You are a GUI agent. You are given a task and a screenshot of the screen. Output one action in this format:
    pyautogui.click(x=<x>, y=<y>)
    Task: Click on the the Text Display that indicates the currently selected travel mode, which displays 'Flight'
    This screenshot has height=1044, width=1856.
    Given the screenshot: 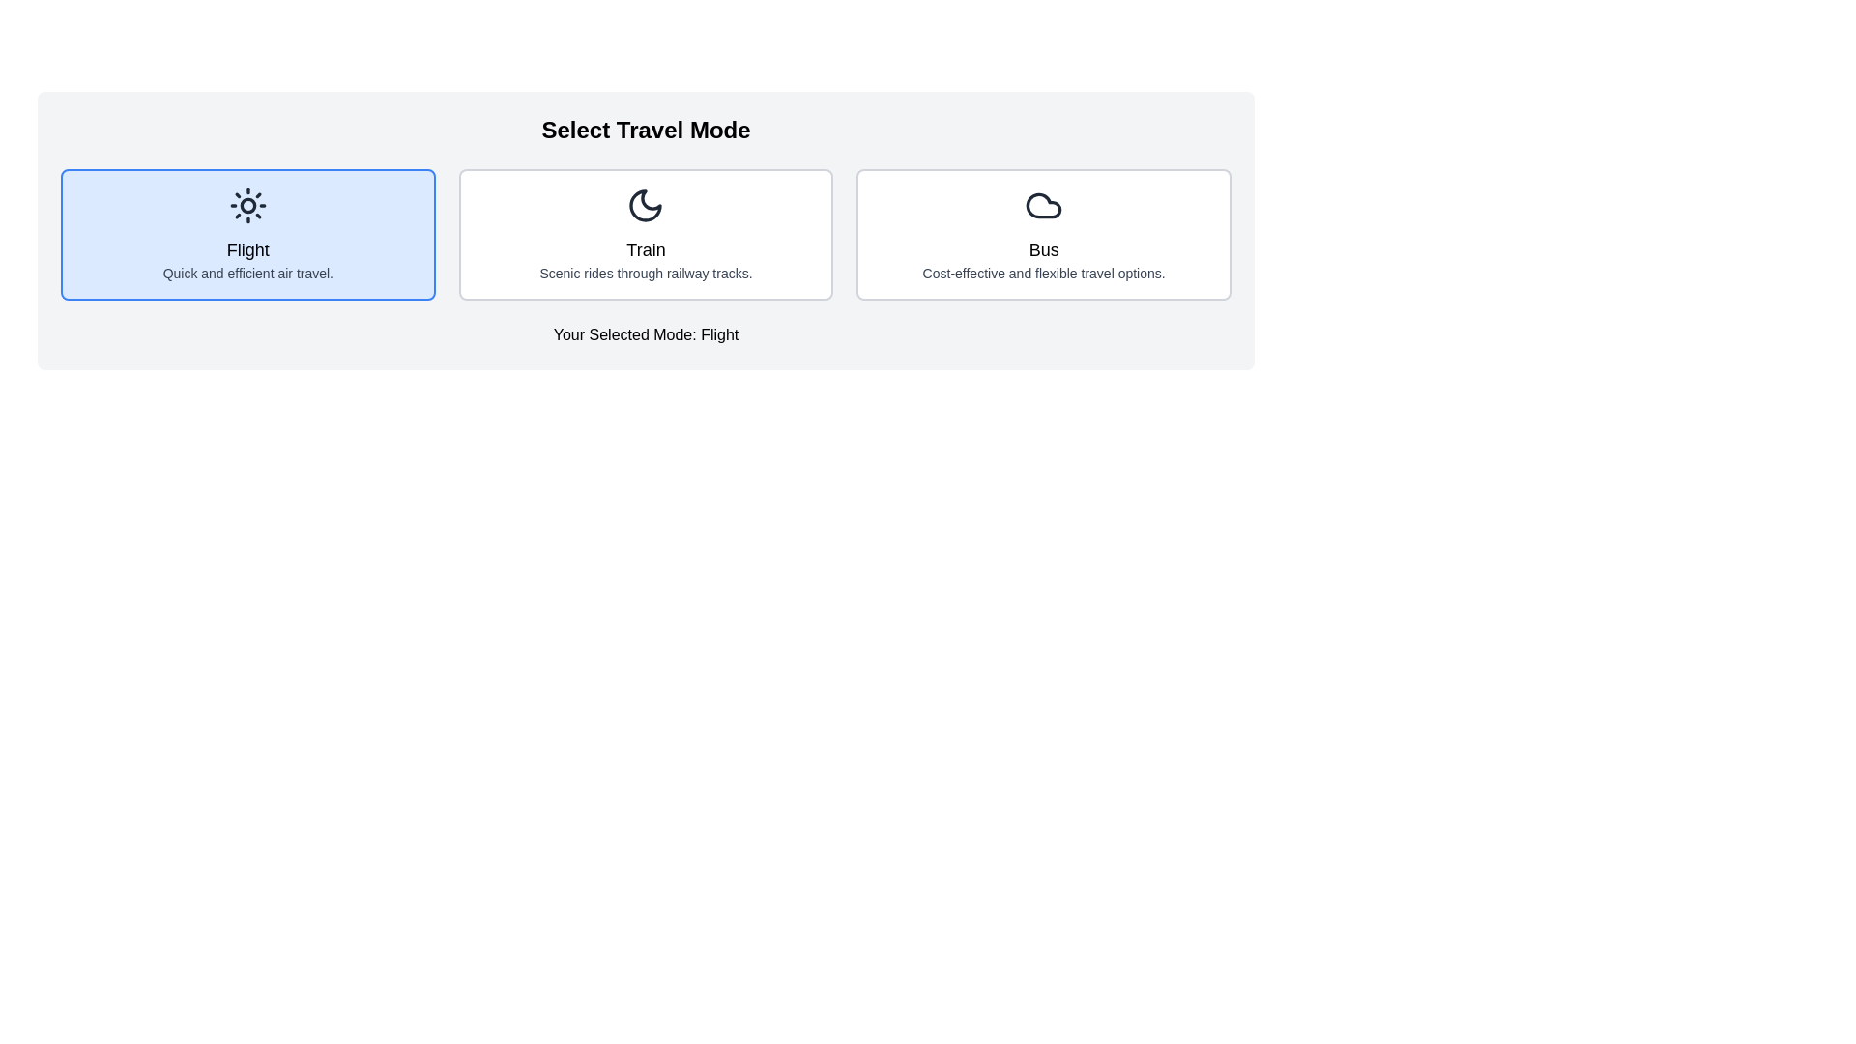 What is the action you would take?
    pyautogui.click(x=716, y=333)
    